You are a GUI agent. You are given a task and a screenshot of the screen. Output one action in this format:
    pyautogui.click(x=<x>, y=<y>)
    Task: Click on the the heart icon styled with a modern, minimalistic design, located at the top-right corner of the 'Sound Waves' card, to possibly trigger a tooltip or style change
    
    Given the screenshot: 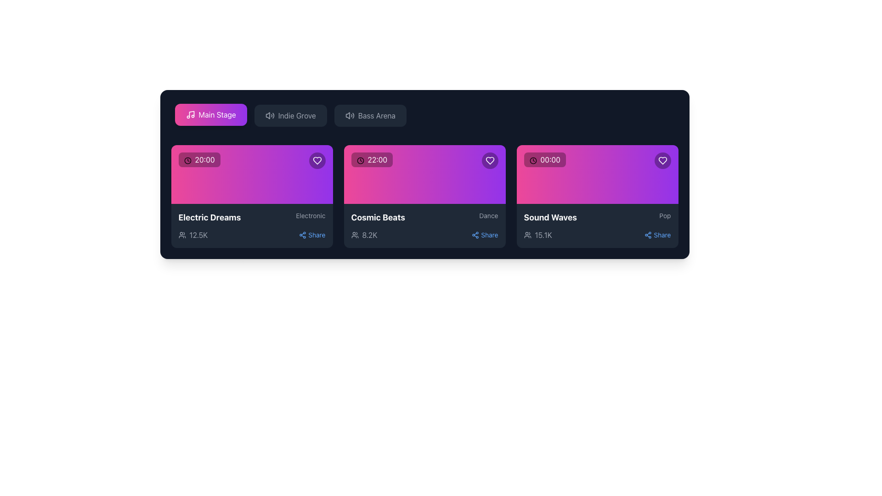 What is the action you would take?
    pyautogui.click(x=662, y=160)
    